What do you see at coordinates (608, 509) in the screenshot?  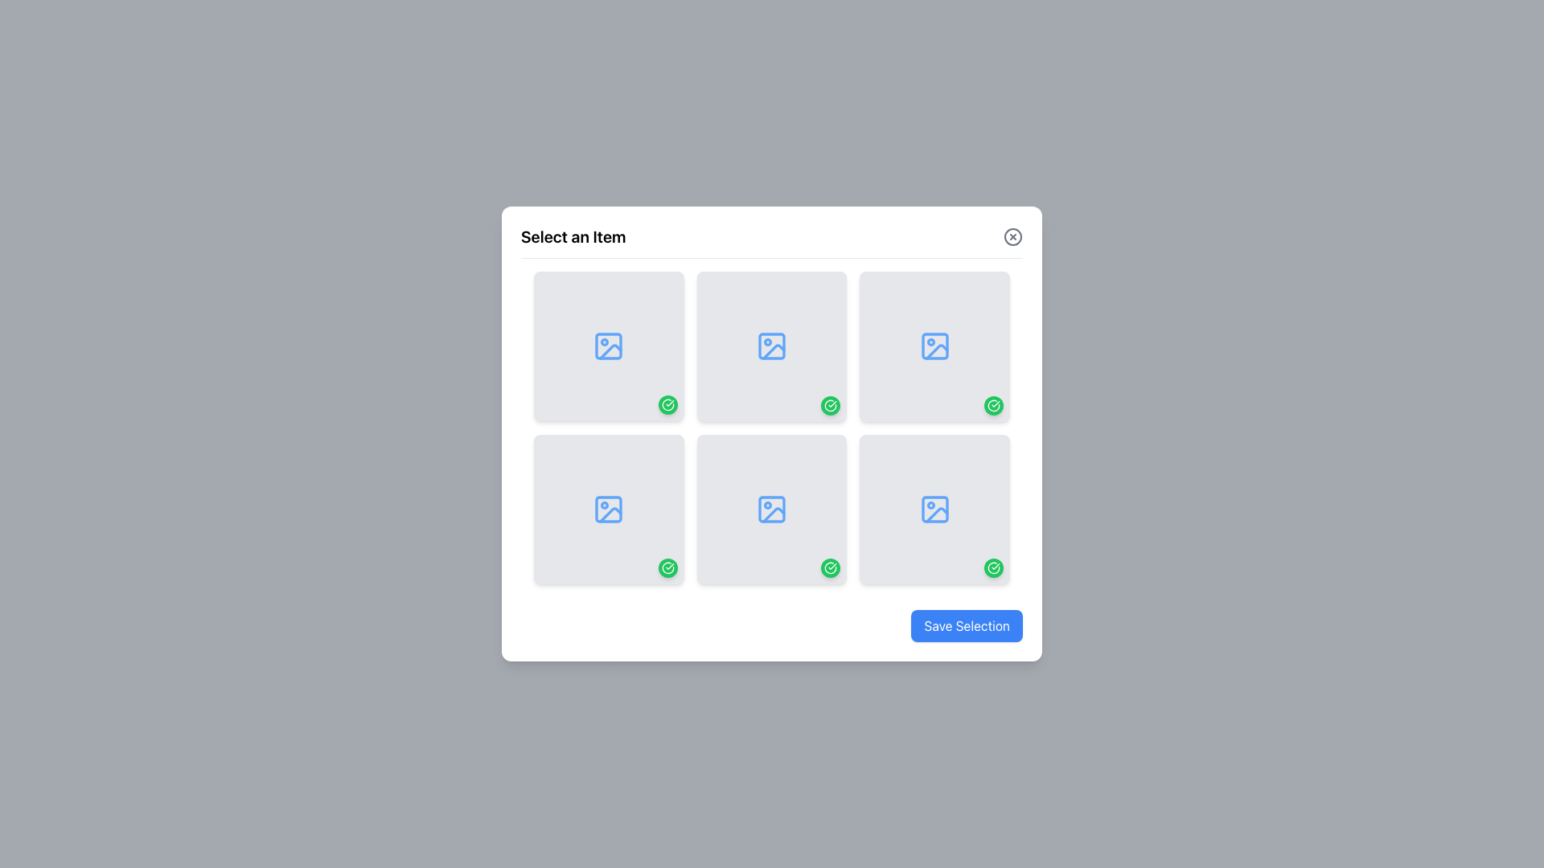 I see `the blue-outline square icon resembling a photo with a mountain shape located in the bottom-left cell of a 2x3 grid layout` at bounding box center [608, 509].